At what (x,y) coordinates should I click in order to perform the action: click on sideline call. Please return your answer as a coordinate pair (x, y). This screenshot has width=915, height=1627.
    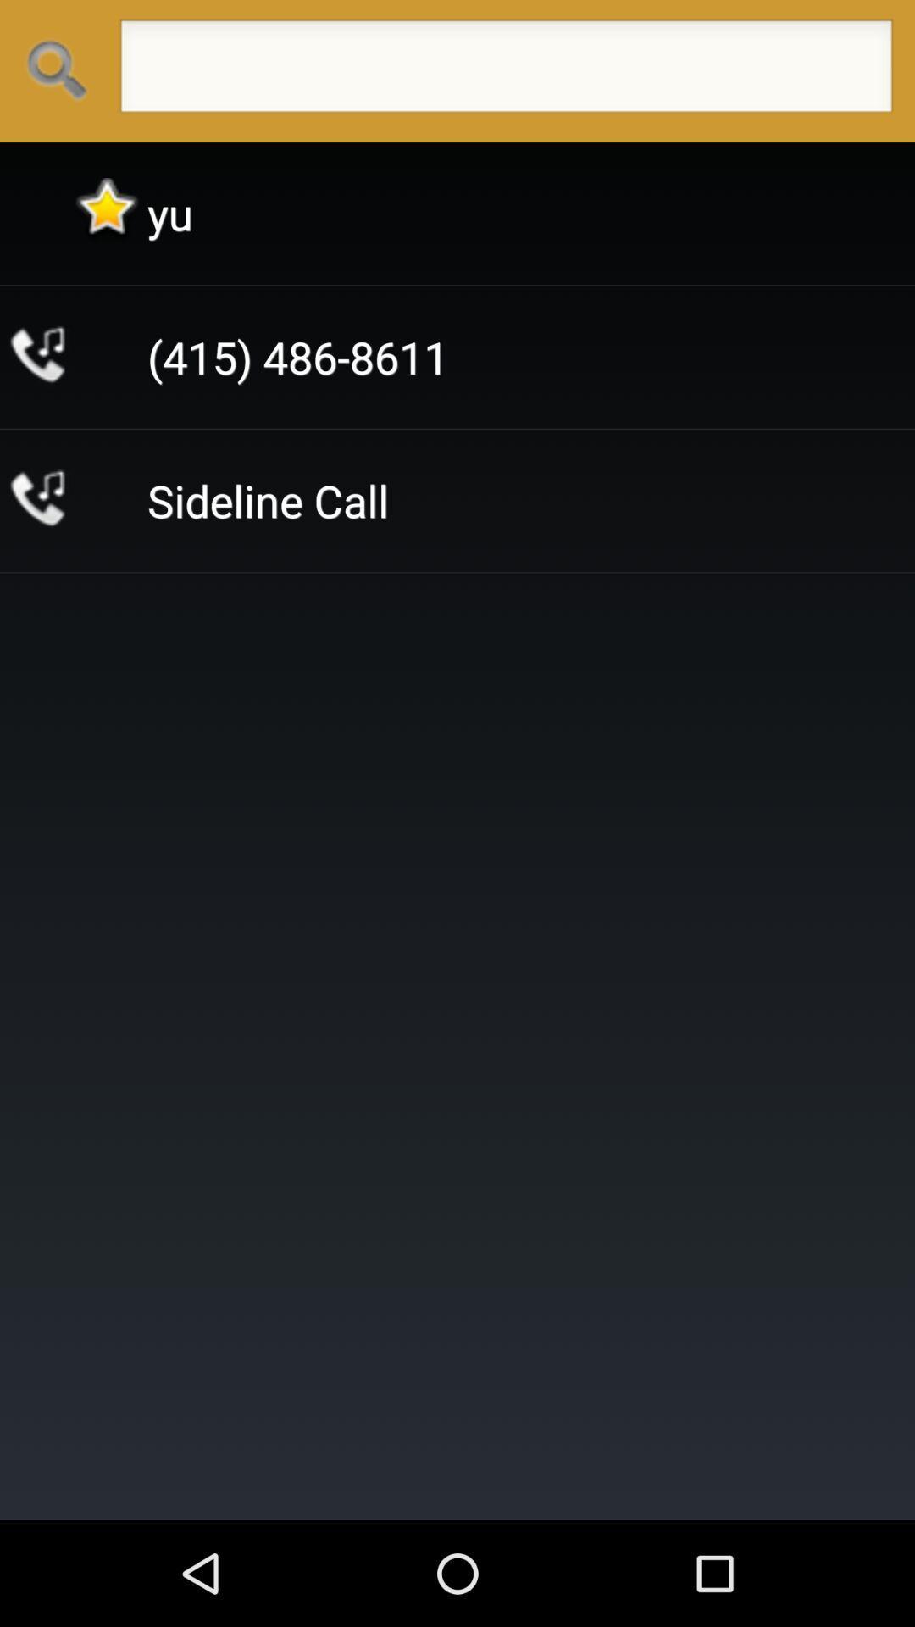
    Looking at the image, I should click on (267, 499).